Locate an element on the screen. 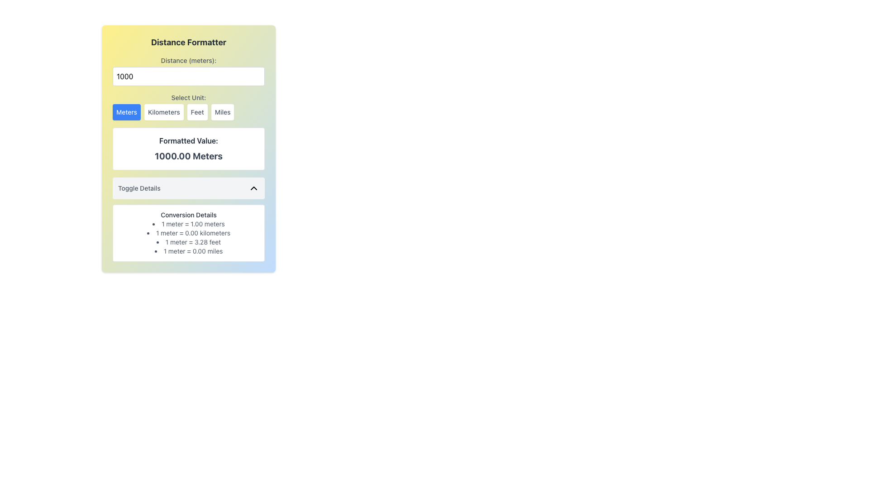 The width and height of the screenshot is (869, 489). the static text label or heading that serves as the title for the interface section, positioned at the top center above the text 'Distance (meters):' is located at coordinates (188, 42).